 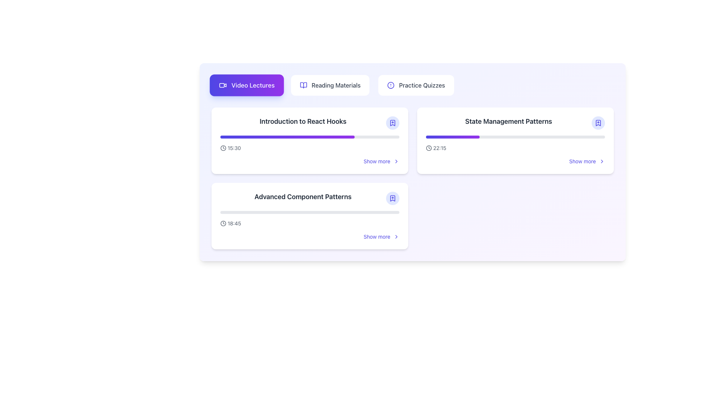 What do you see at coordinates (392, 122) in the screenshot?
I see `the bookmark icon indicating the 'Introduction to React Hooks' section located in the top-left quadrant of the layout` at bounding box center [392, 122].